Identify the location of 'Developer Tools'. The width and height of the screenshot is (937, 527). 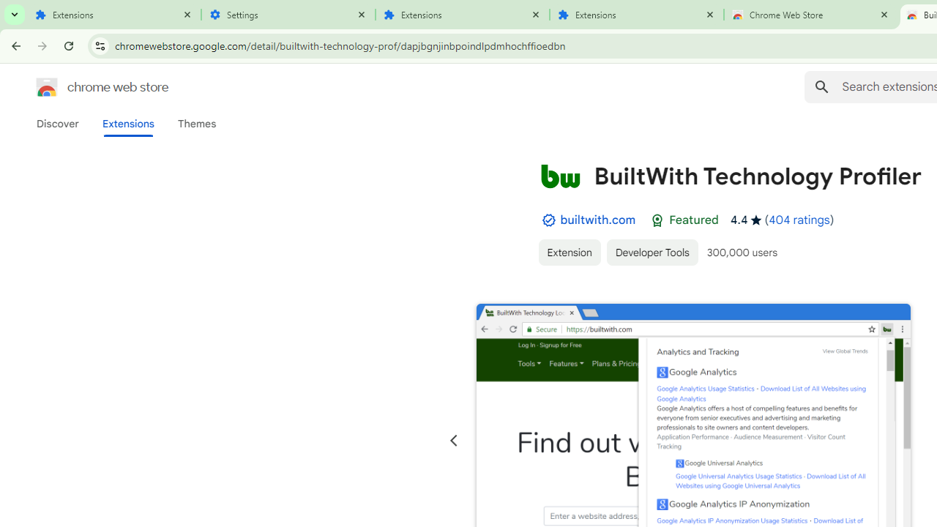
(651, 251).